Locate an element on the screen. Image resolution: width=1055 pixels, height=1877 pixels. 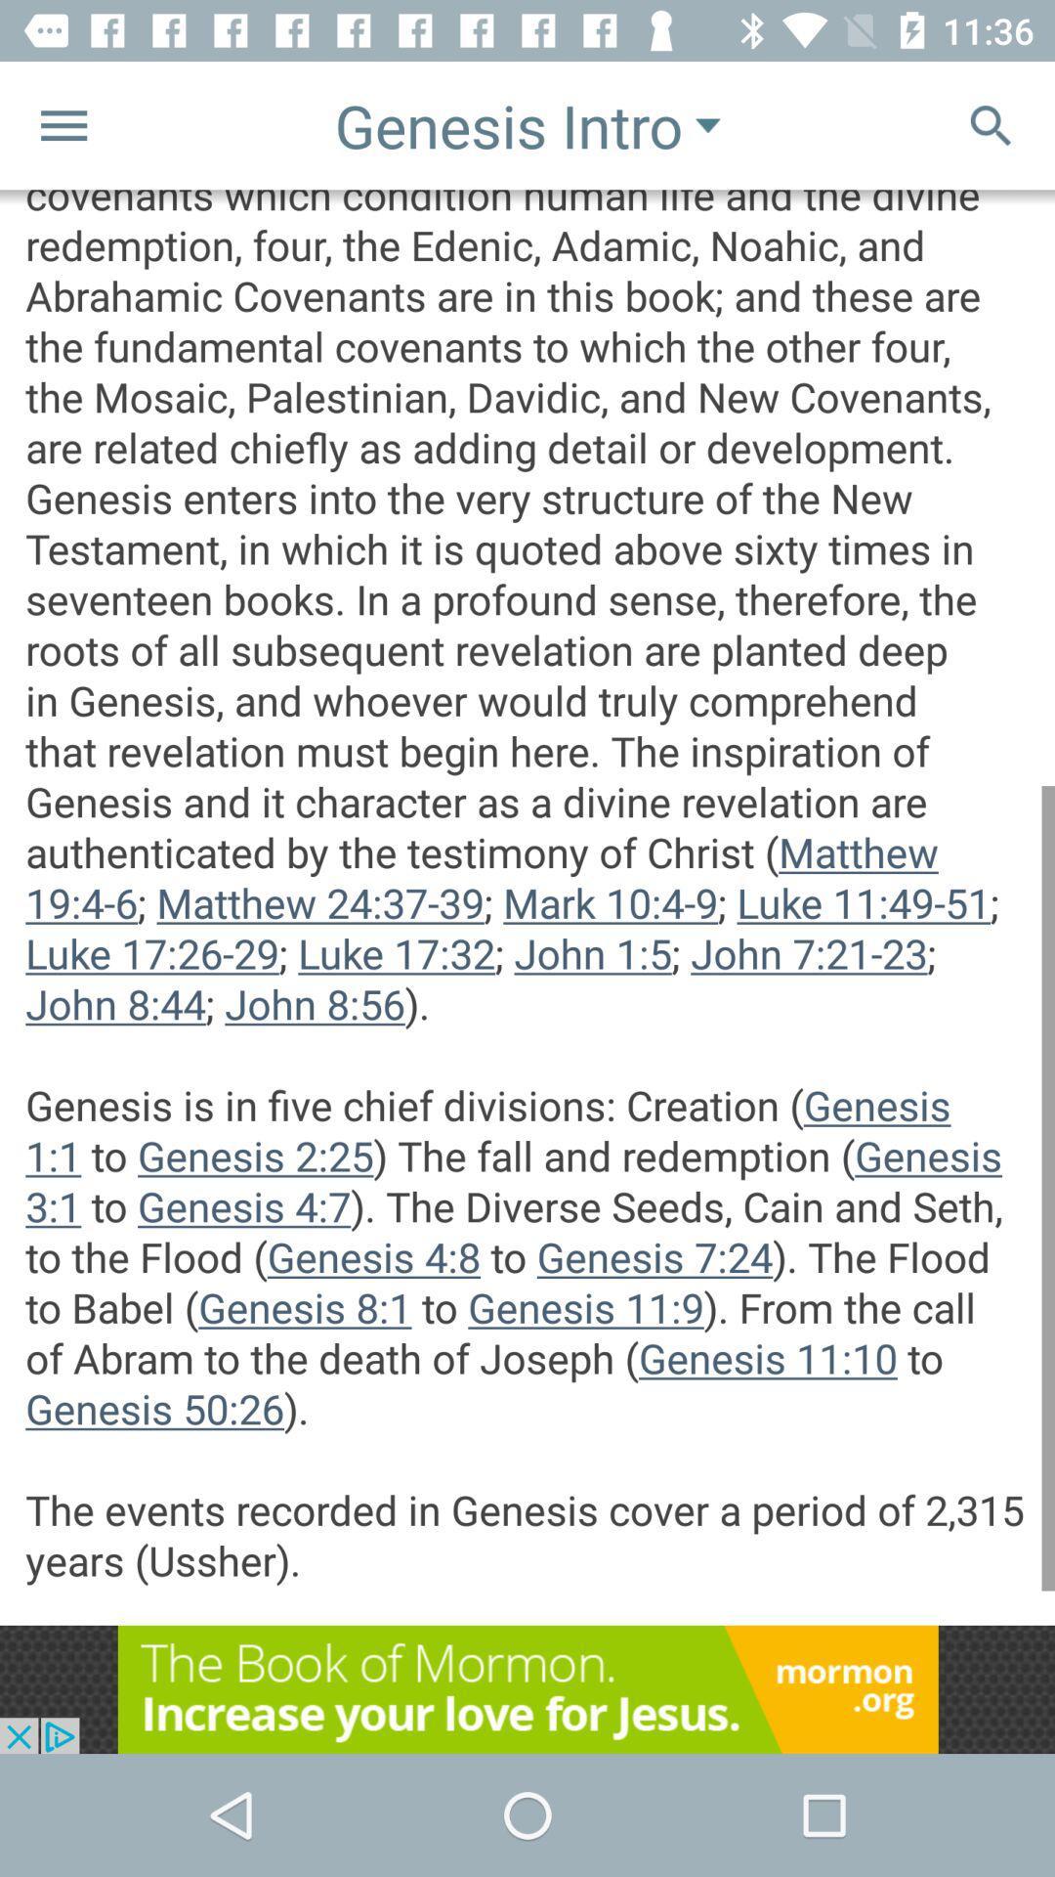
the advertised site is located at coordinates (527, 1688).